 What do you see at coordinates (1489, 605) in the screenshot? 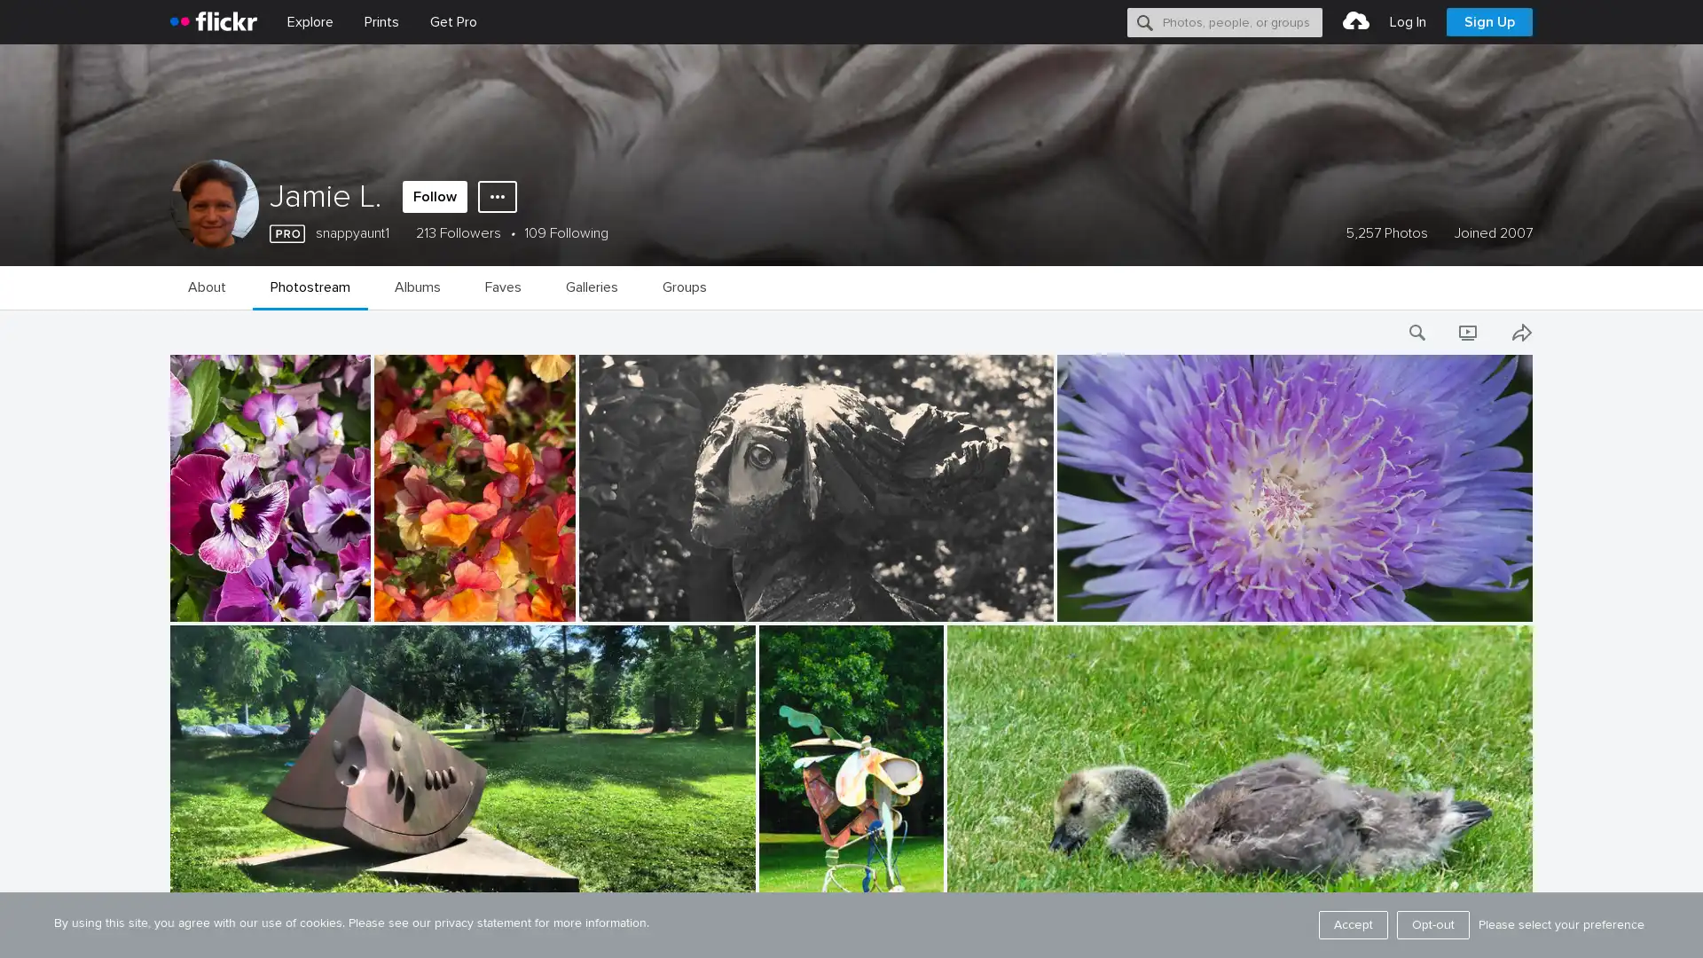
I see `Add to Favorites` at bounding box center [1489, 605].